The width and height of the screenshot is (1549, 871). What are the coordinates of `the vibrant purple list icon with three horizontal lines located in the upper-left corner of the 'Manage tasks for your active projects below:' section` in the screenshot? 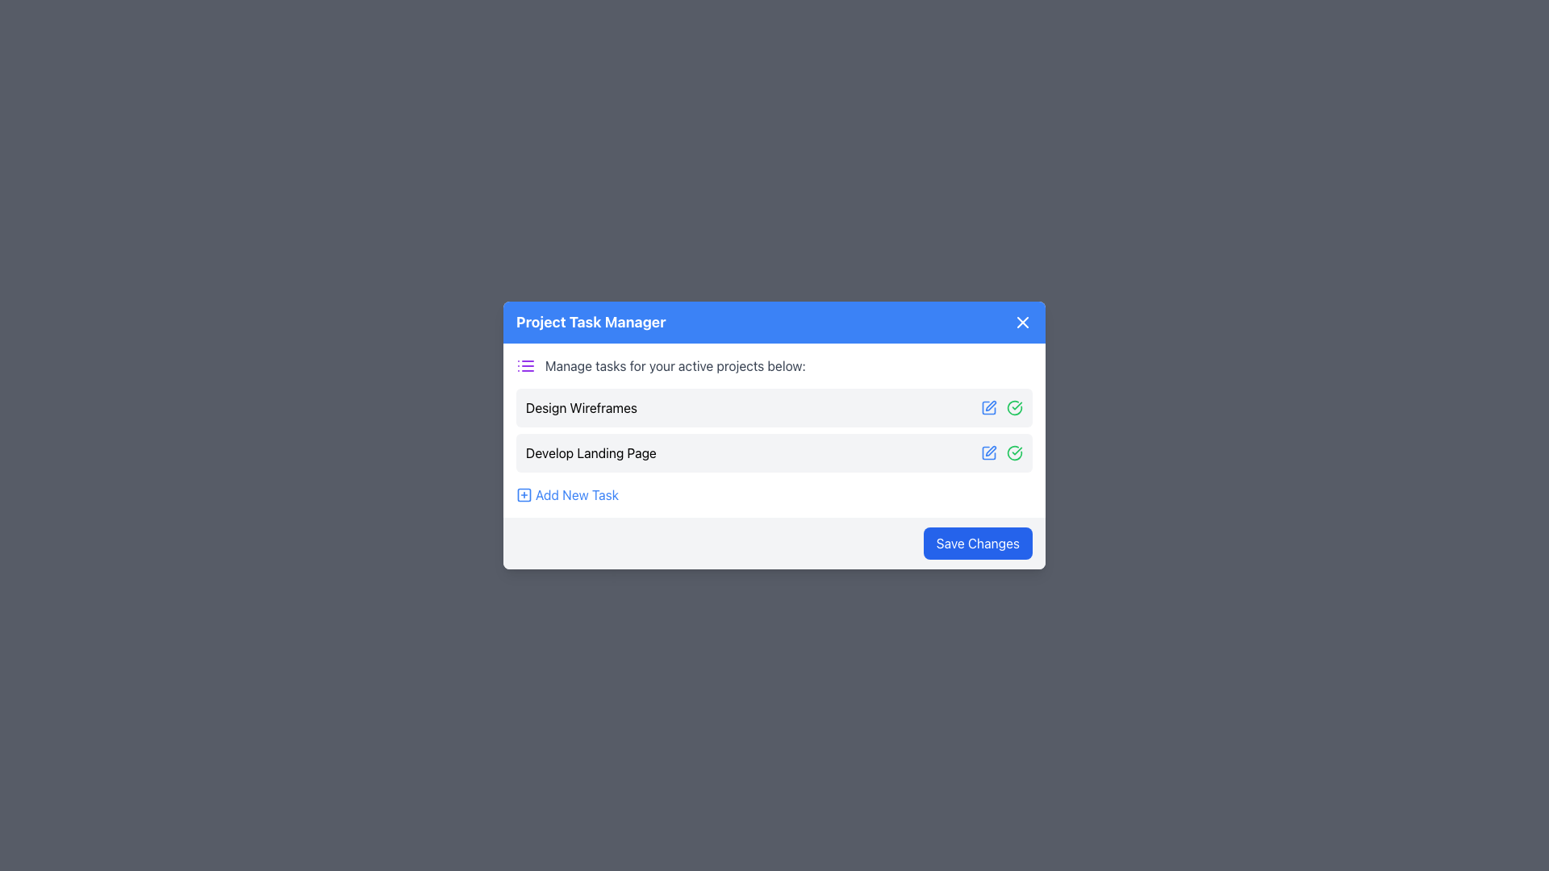 It's located at (526, 366).